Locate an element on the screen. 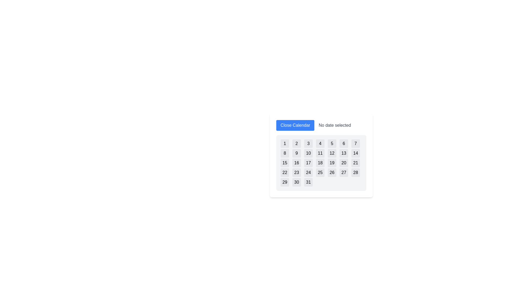 The width and height of the screenshot is (515, 290). the button representing the 8th day of the month in the calendar grid is located at coordinates (284, 153).